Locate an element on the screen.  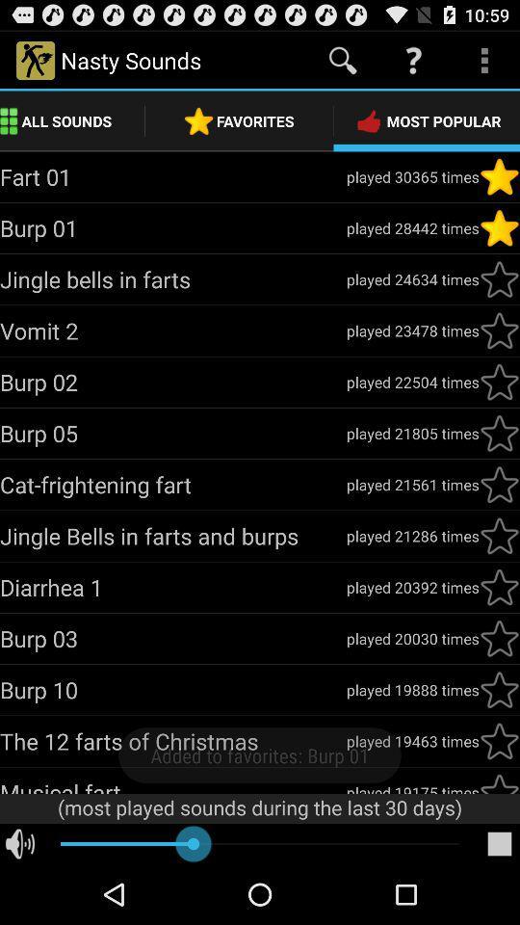
favorite is located at coordinates (499, 638).